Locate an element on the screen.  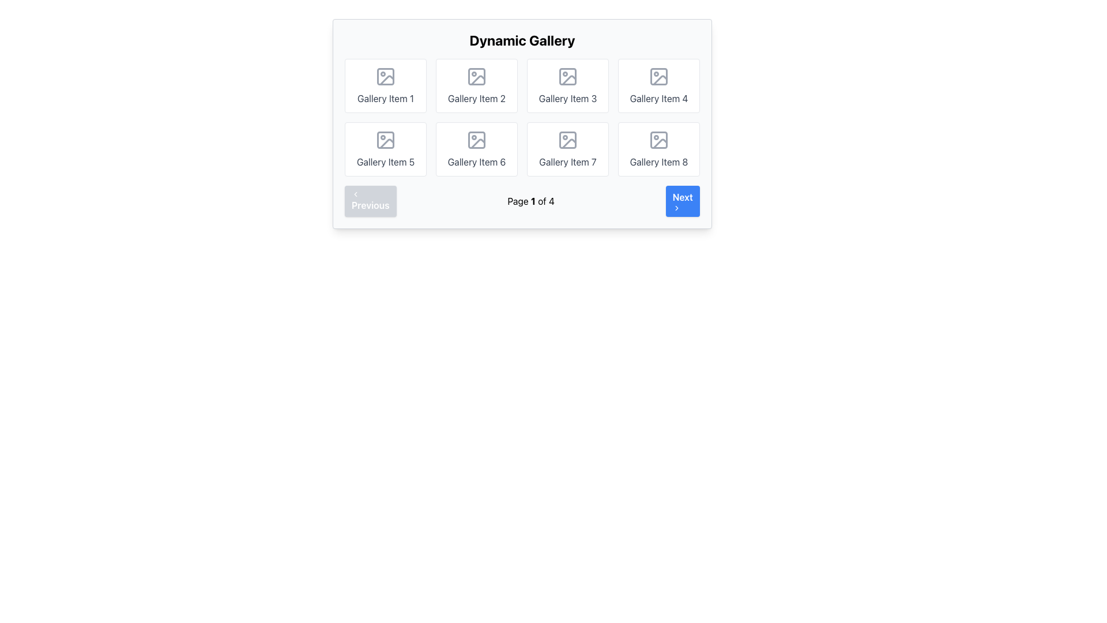
the text display that shows 'Page 1 of 4' located centrally in the navigation bar below the gallery, positioned between the 'Previous' and 'Next' buttons is located at coordinates (530, 200).